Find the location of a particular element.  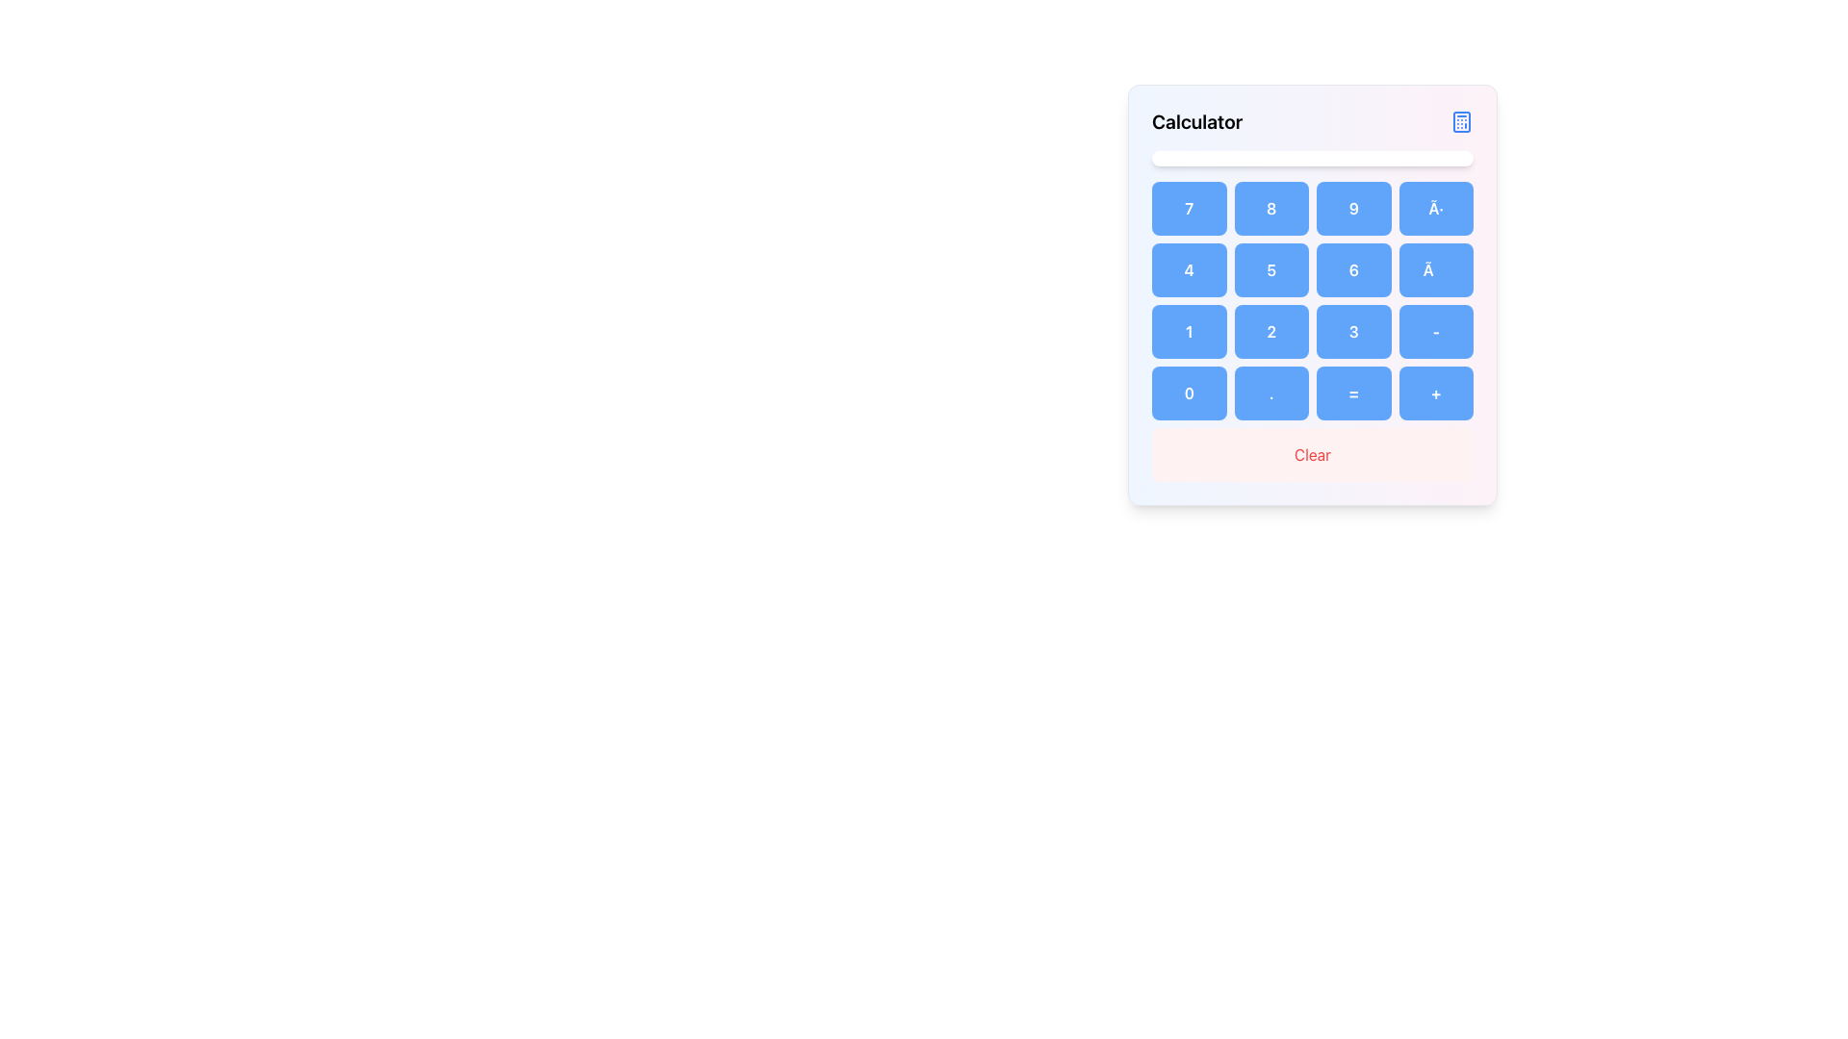

the numeric input button representing the number '7' in the top-left corner of the calculator grid to input the digit '7' is located at coordinates (1188, 208).